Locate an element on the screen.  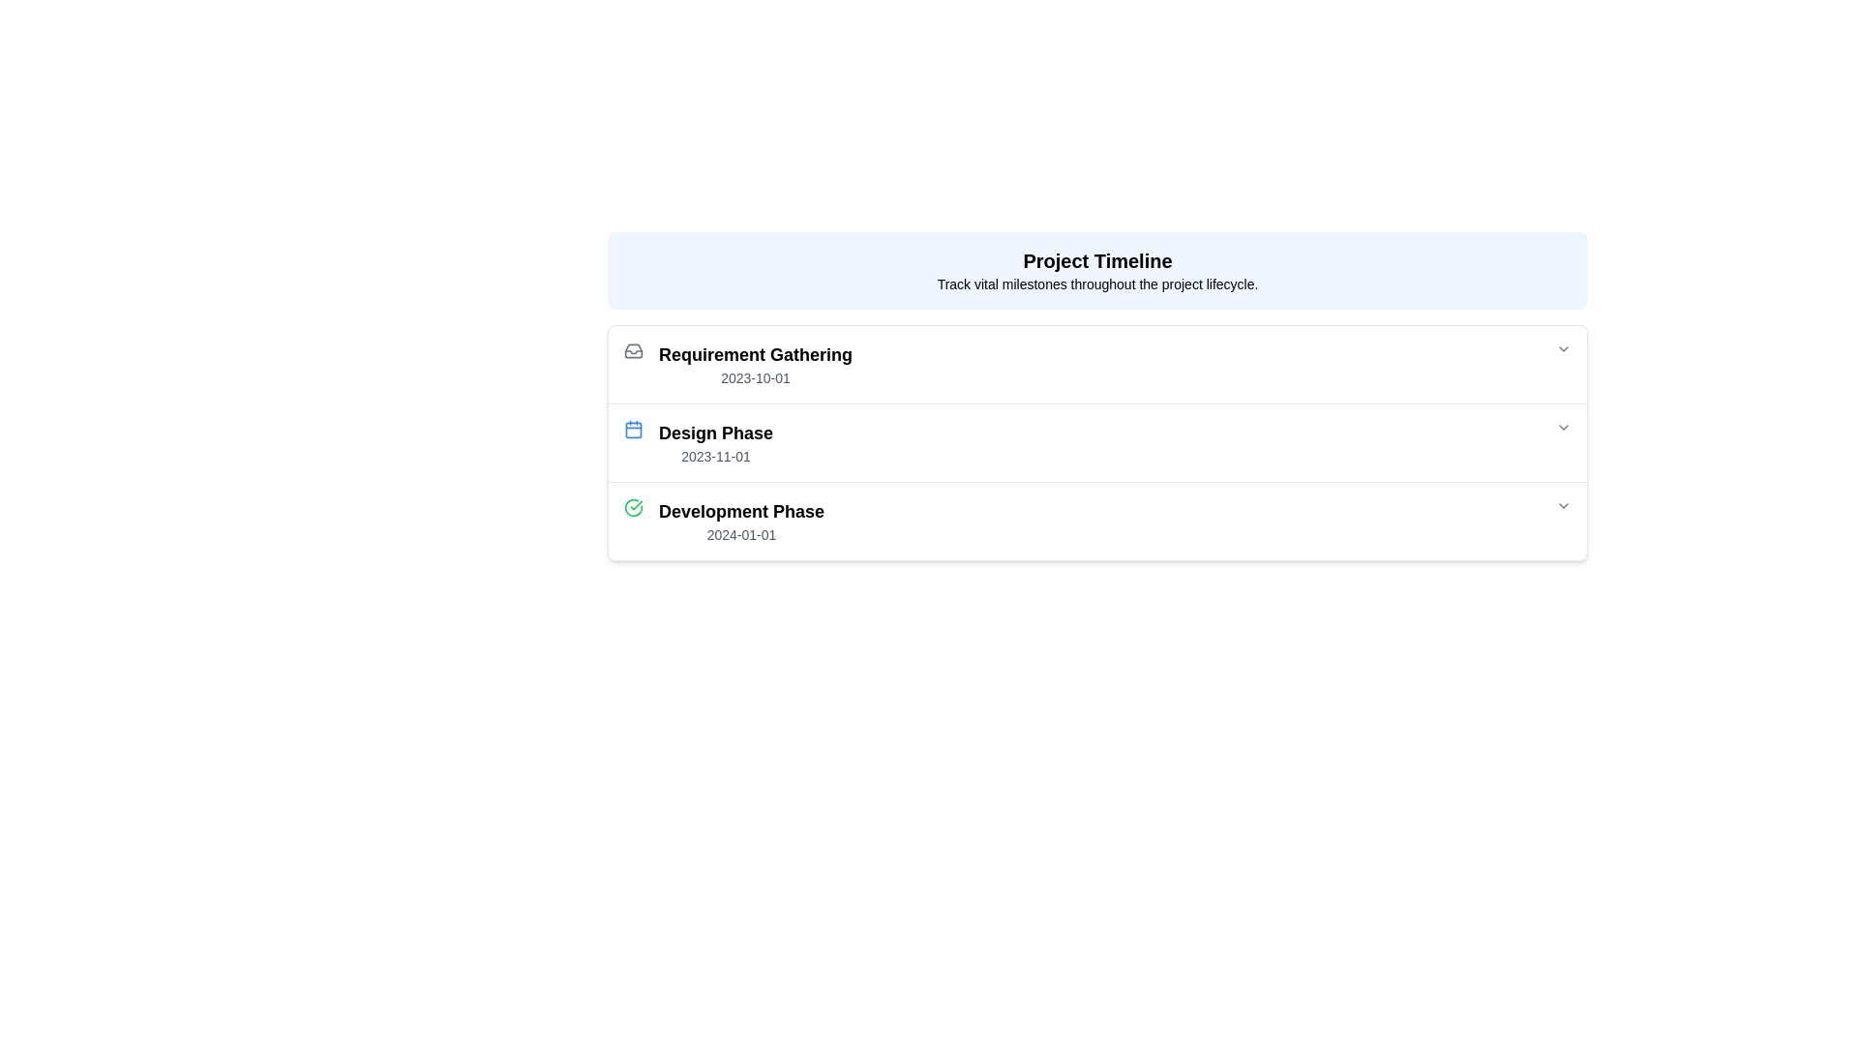
the informational text reading 'Track vital milestones throughout the project lifecycle.', which is located immediately below the heading 'Project Timeline' is located at coordinates (1097, 284).